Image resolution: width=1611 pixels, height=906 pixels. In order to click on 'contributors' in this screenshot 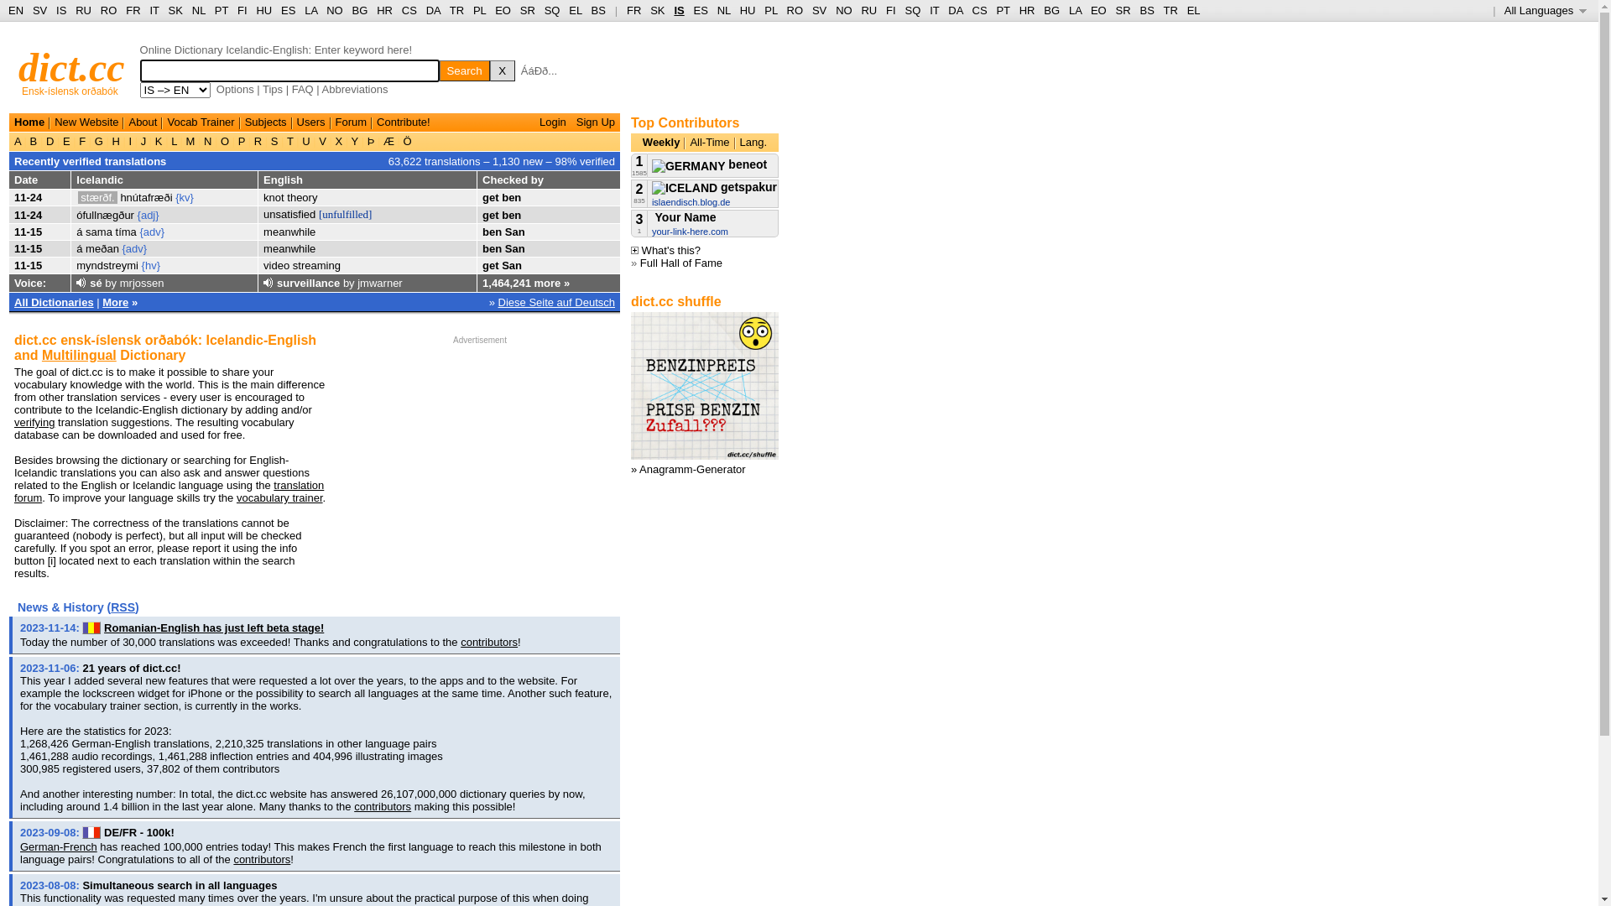, I will do `click(261, 859)`.